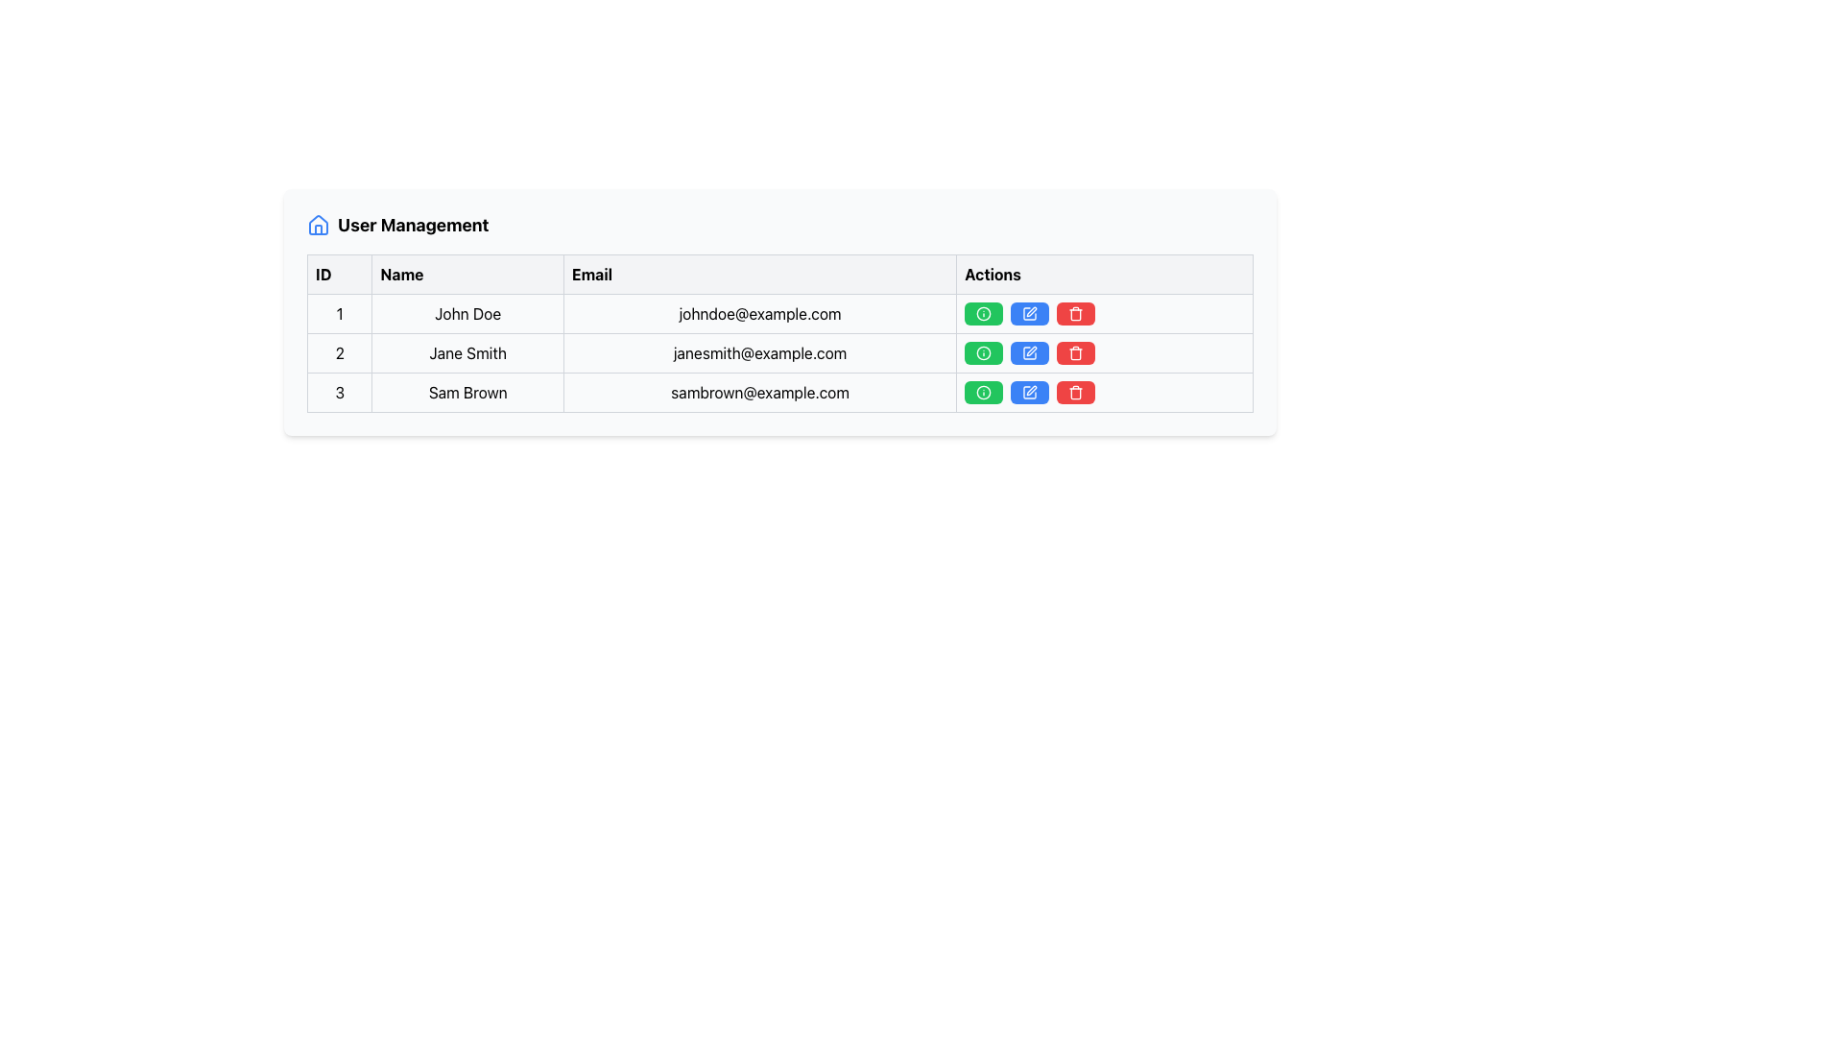 This screenshot has height=1037, width=1843. I want to click on the pen icon within the blue button in the 'Actions' column of the second row of the table to initiate an action, so click(1029, 352).